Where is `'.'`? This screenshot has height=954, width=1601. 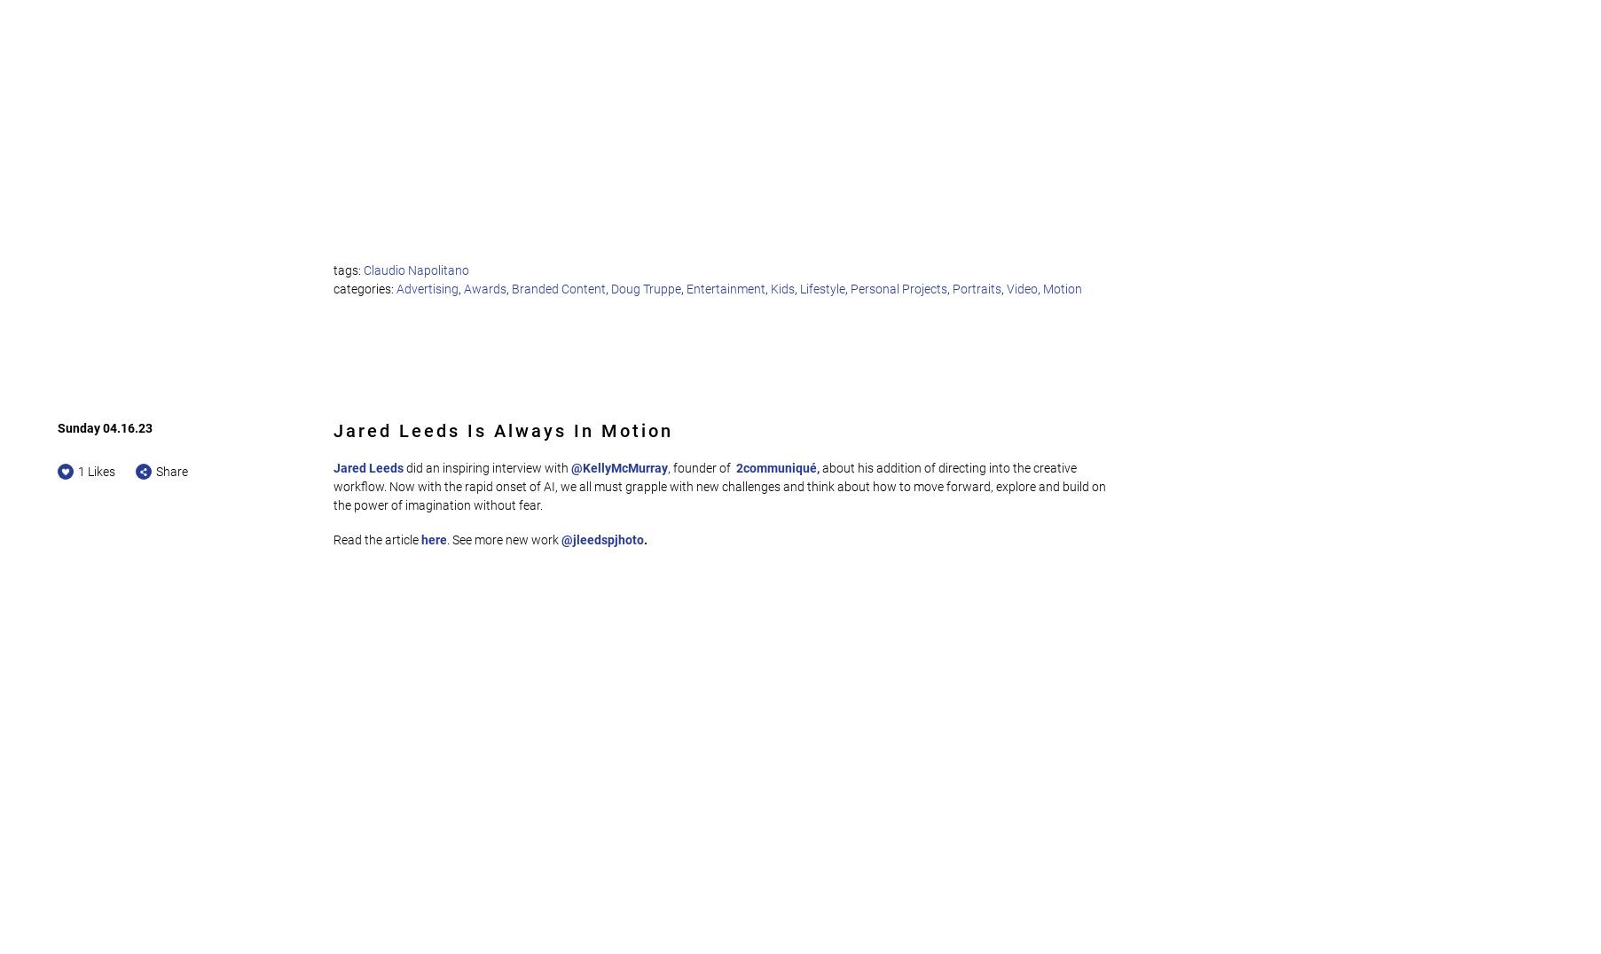
'.' is located at coordinates (644, 539).